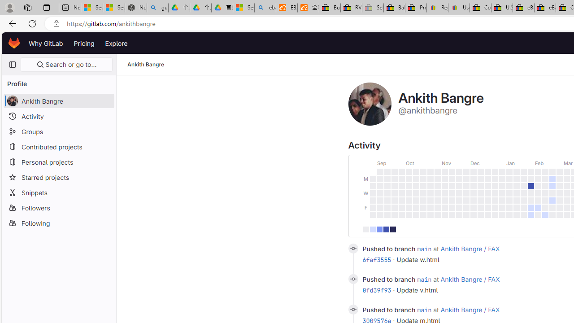 The image size is (574, 323). I want to click on 'View site information', so click(56, 23).